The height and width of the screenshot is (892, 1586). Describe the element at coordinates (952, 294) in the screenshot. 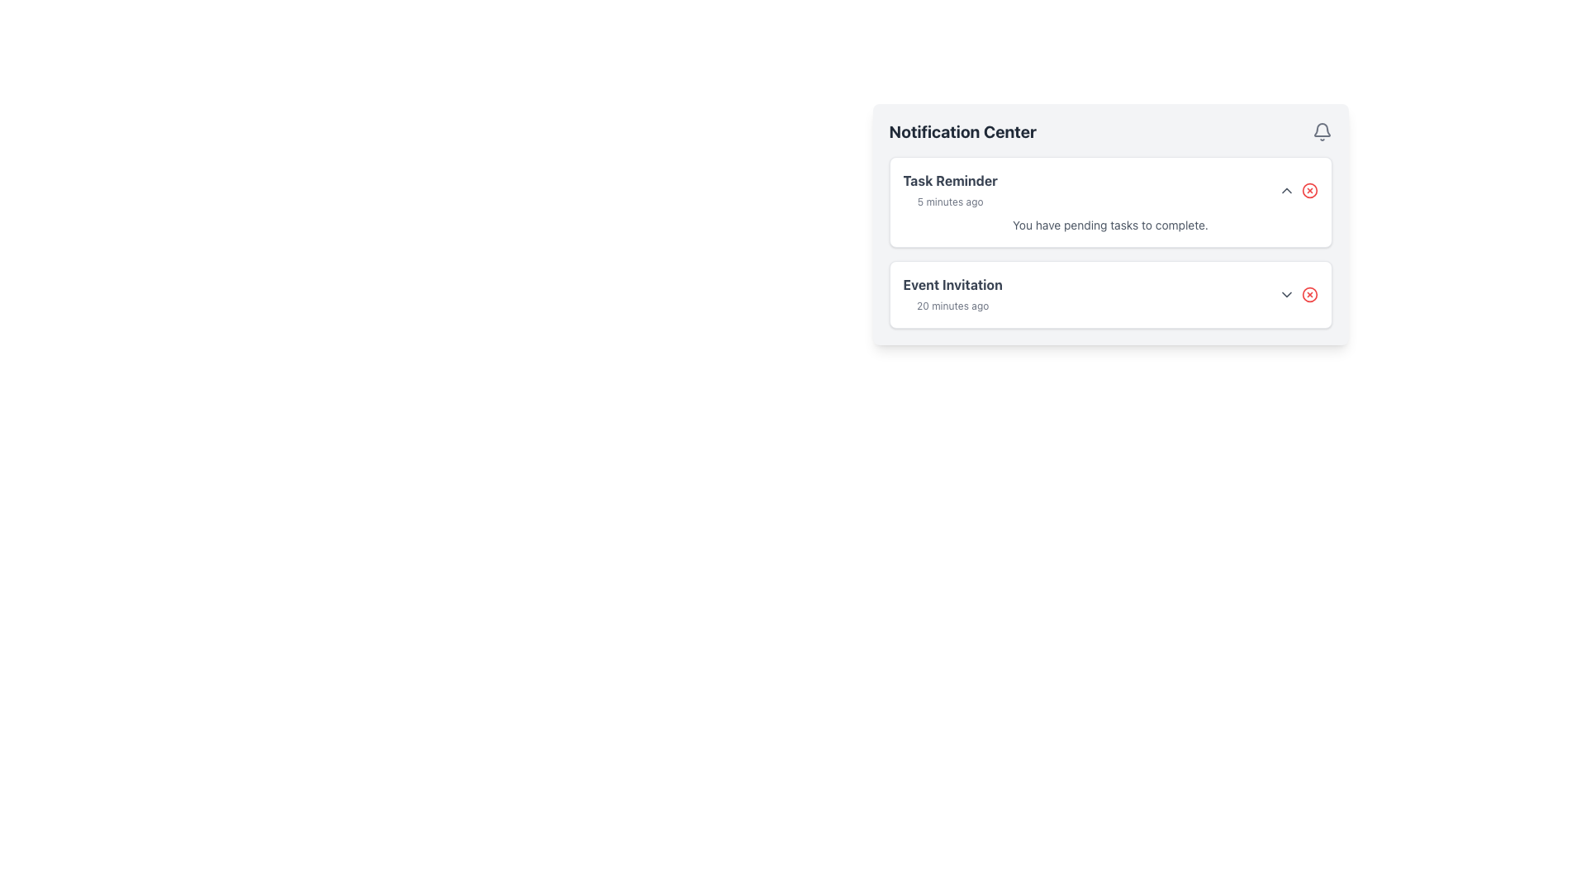

I see `details of the 'Event Invitation' notification text label, which displays 'Event Invitation' in bold dark gray and '20 minutes ago' in light gray` at that location.